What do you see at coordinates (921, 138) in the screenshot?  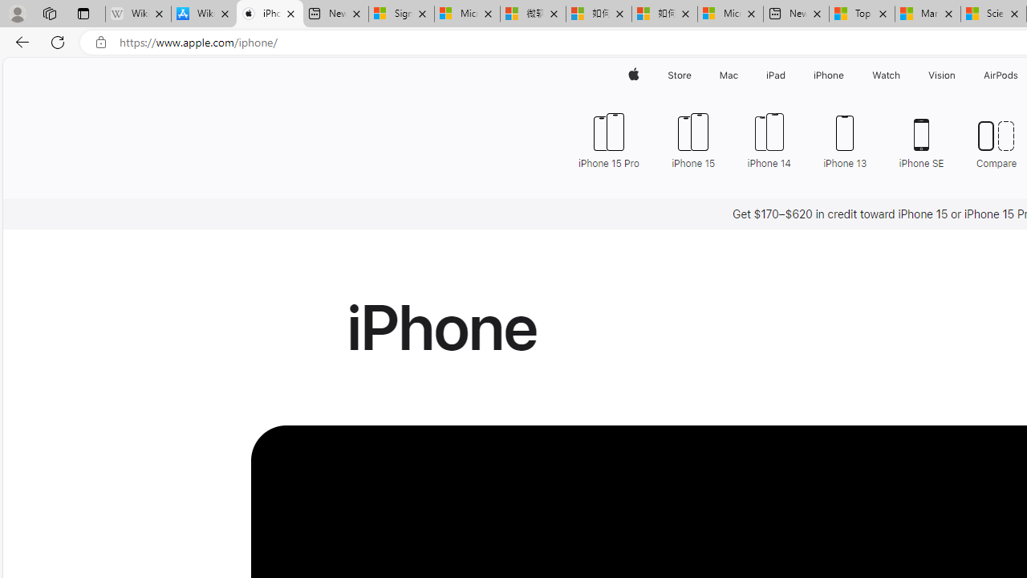 I see `'iPhone SE'` at bounding box center [921, 138].